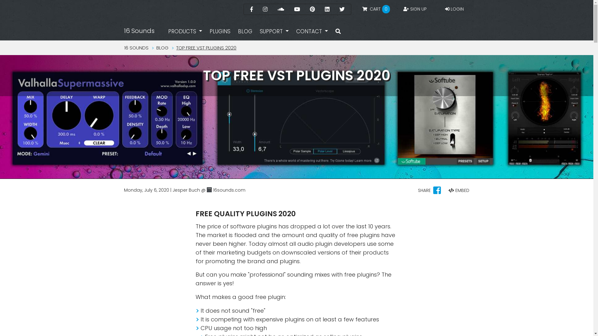  Describe the element at coordinates (257, 31) in the screenshot. I see `'SUPPORT'` at that location.